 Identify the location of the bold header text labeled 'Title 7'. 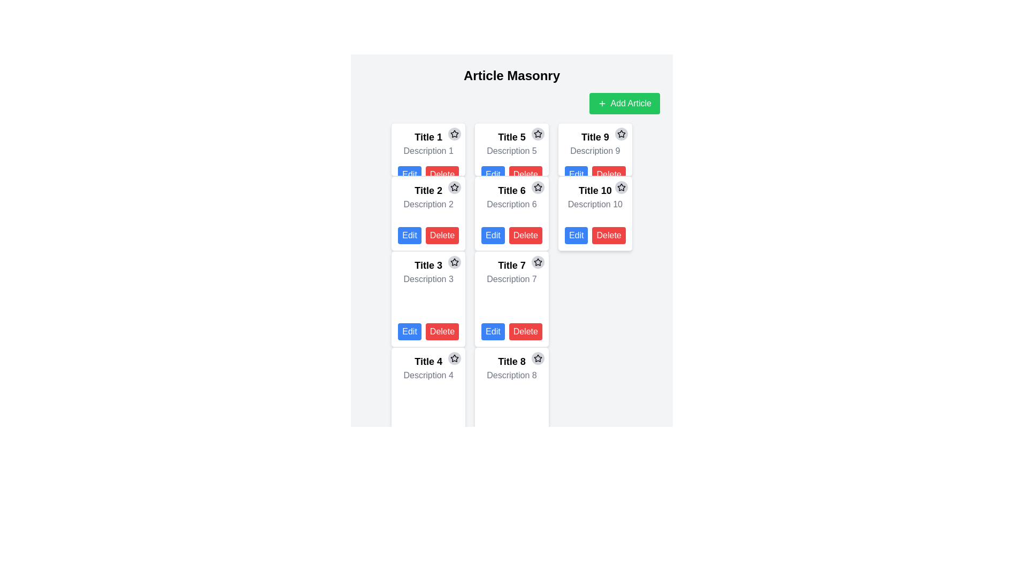
(511, 265).